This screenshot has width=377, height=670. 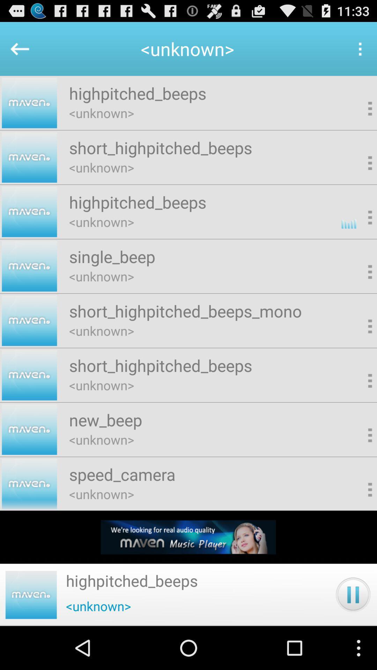 I want to click on the more icon, so click(x=358, y=117).